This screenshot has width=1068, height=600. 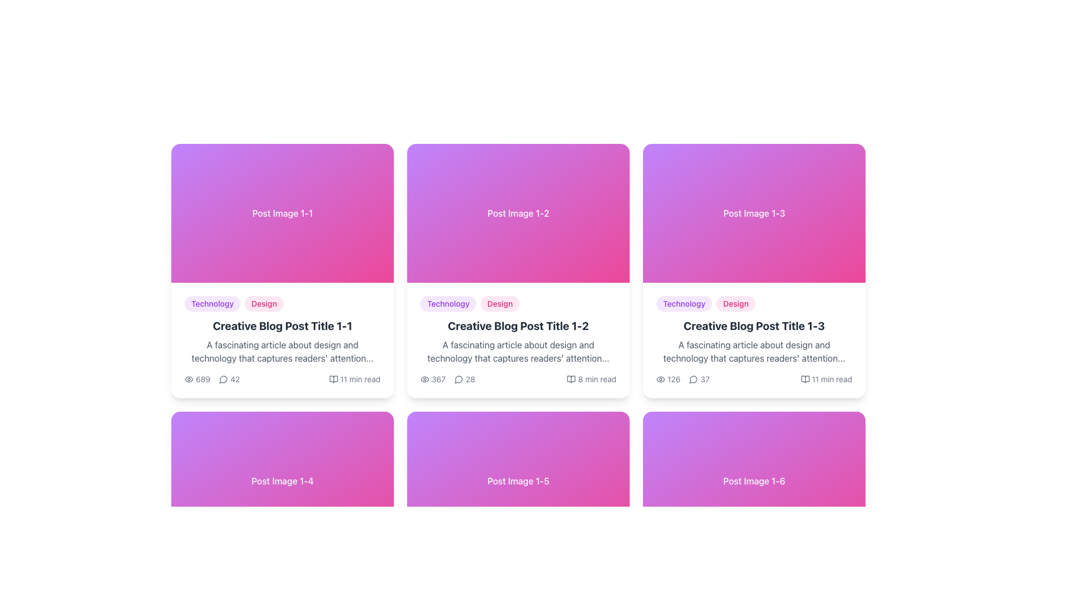 I want to click on the tag list element containing the labels 'Technology' and 'Design', so click(x=754, y=304).